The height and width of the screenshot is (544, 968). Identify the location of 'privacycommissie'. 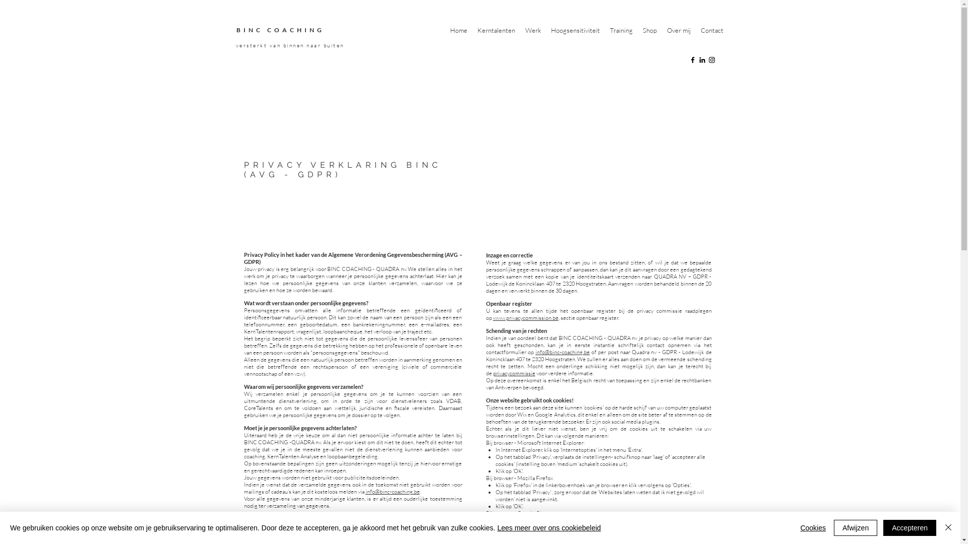
(514, 373).